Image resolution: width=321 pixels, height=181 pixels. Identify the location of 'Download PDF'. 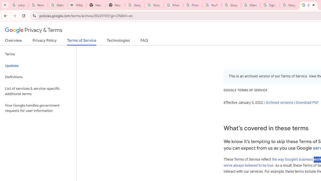
(307, 102).